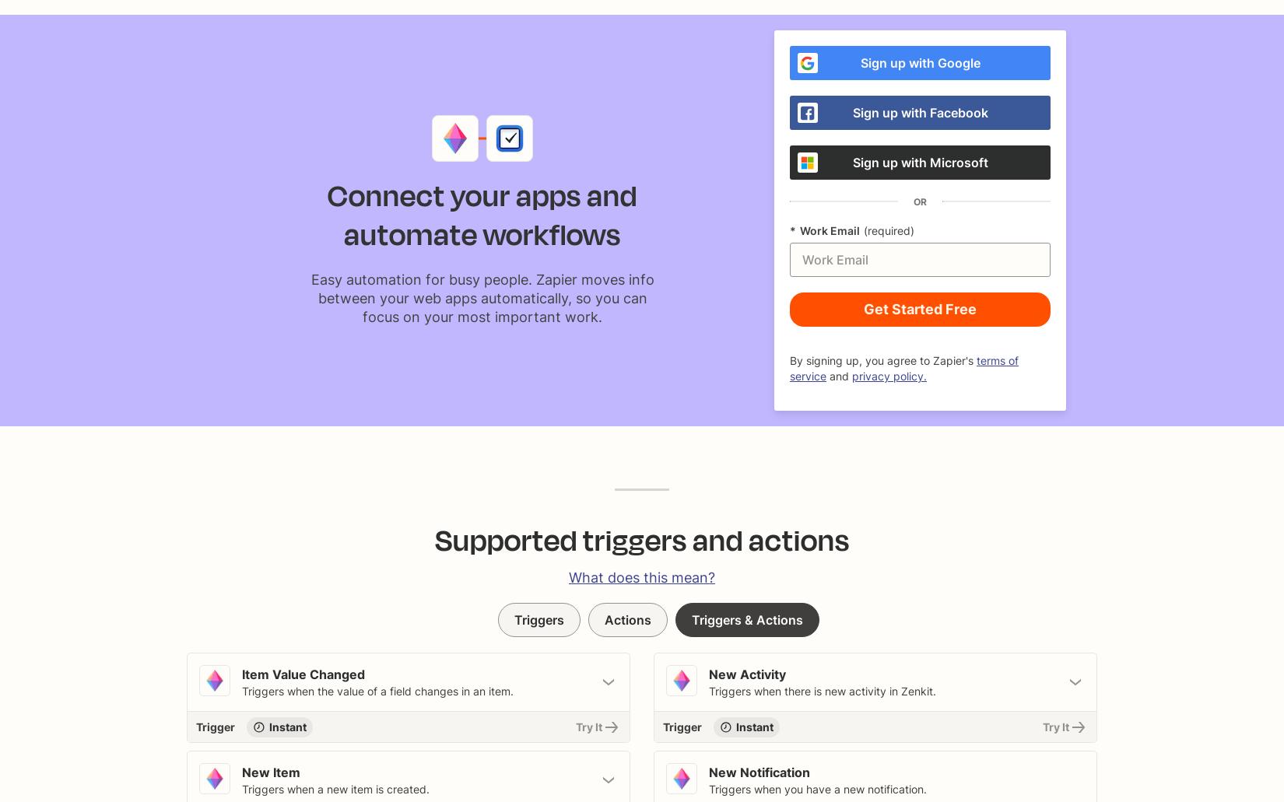 The height and width of the screenshot is (802, 1284). What do you see at coordinates (920, 308) in the screenshot?
I see `'Get Started Free'` at bounding box center [920, 308].